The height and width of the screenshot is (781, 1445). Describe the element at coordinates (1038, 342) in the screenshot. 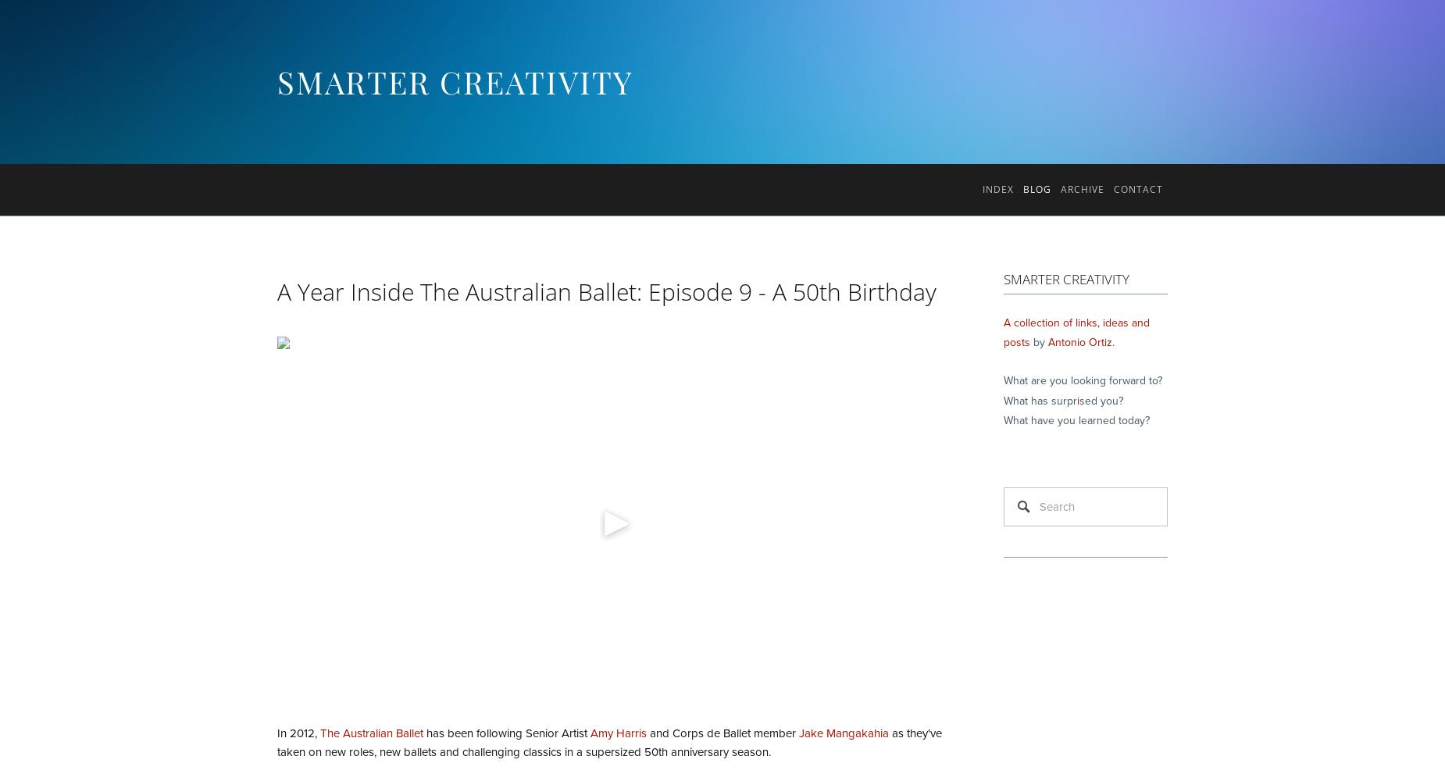

I see `'by'` at that location.